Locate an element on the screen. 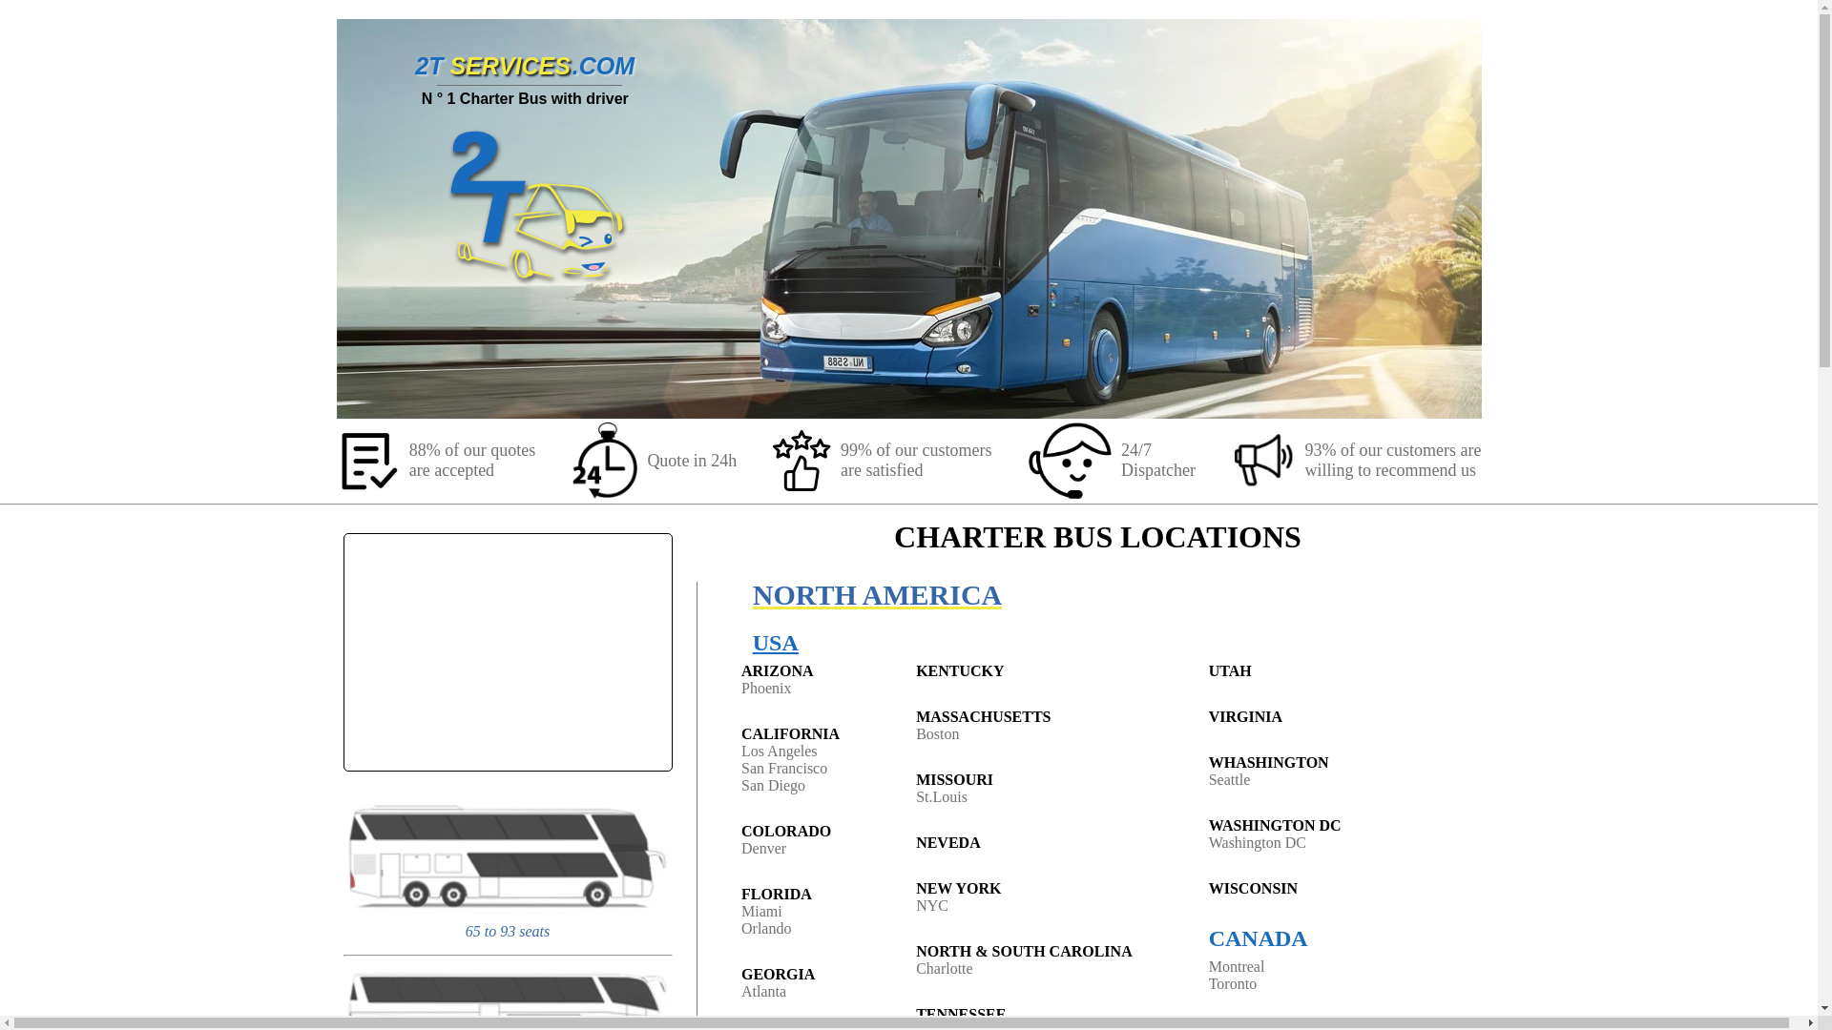 The height and width of the screenshot is (1030, 1832). 'Denver' is located at coordinates (740, 847).